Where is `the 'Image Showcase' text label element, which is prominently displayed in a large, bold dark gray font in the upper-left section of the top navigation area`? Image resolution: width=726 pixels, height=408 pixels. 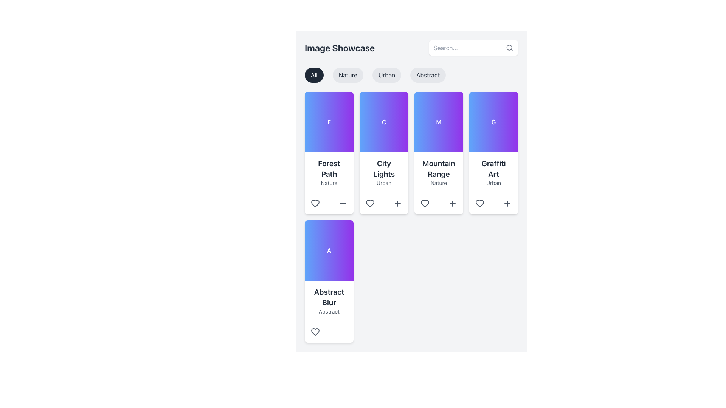
the 'Image Showcase' text label element, which is prominently displayed in a large, bold dark gray font in the upper-left section of the top navigation area is located at coordinates (339, 48).